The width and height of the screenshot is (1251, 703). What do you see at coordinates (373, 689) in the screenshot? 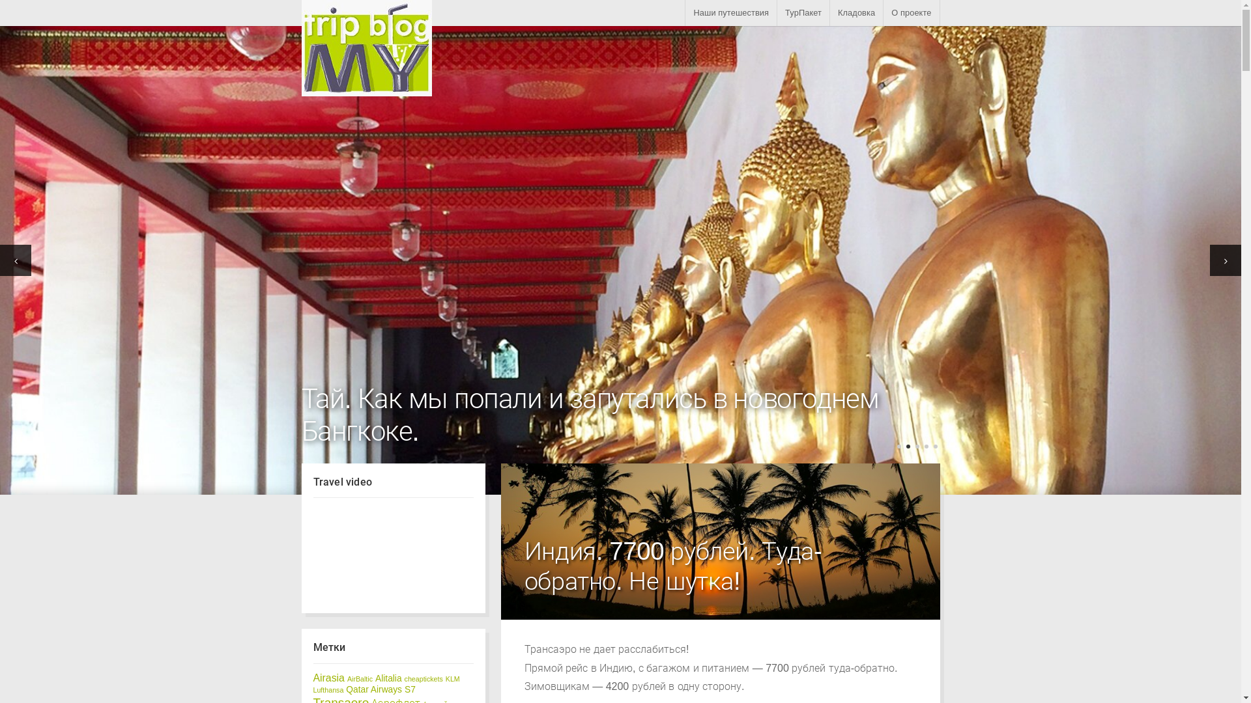
I see `'Qatar Airways'` at bounding box center [373, 689].